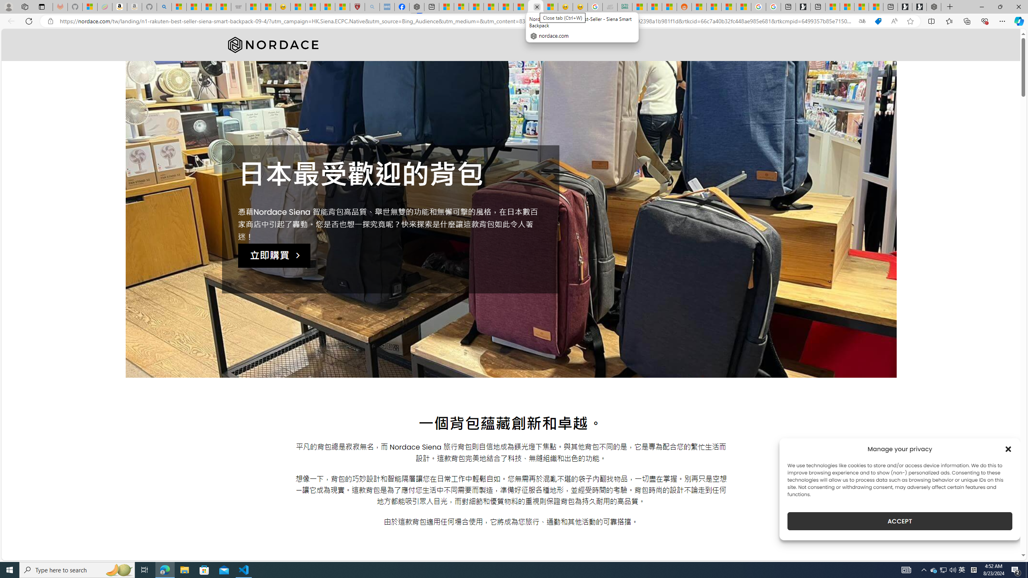 This screenshot has width=1028, height=578. What do you see at coordinates (900, 521) in the screenshot?
I see `'ACCEPT'` at bounding box center [900, 521].